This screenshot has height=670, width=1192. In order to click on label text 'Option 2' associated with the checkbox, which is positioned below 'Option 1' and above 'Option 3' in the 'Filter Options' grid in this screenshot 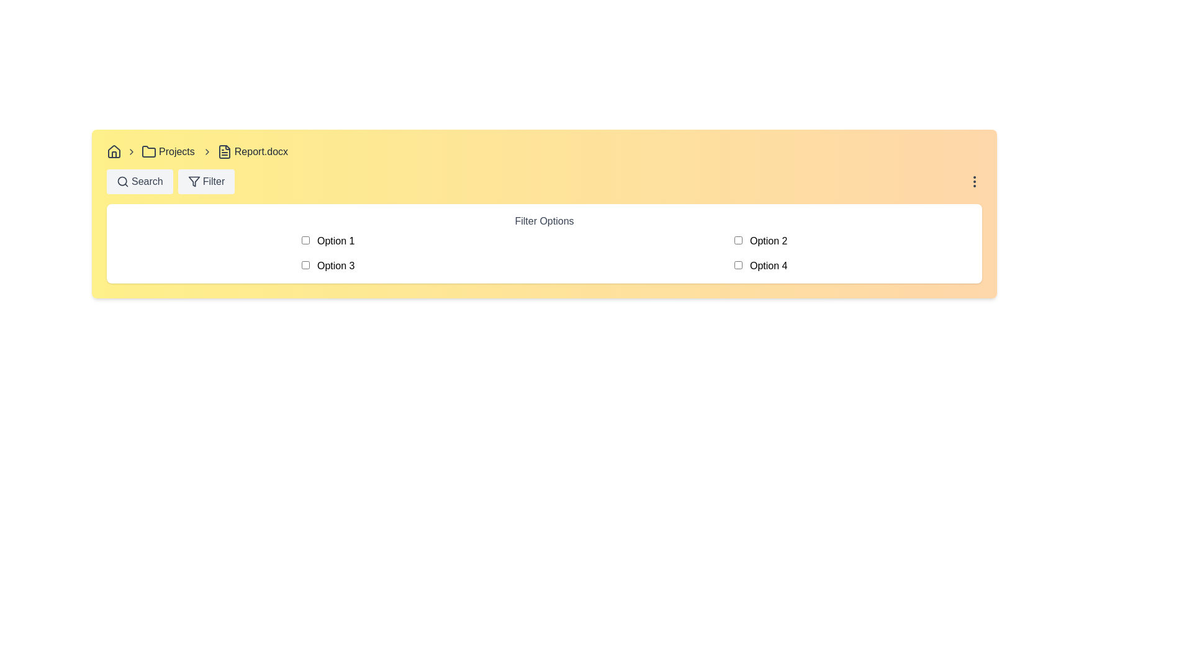, I will do `click(760, 241)`.